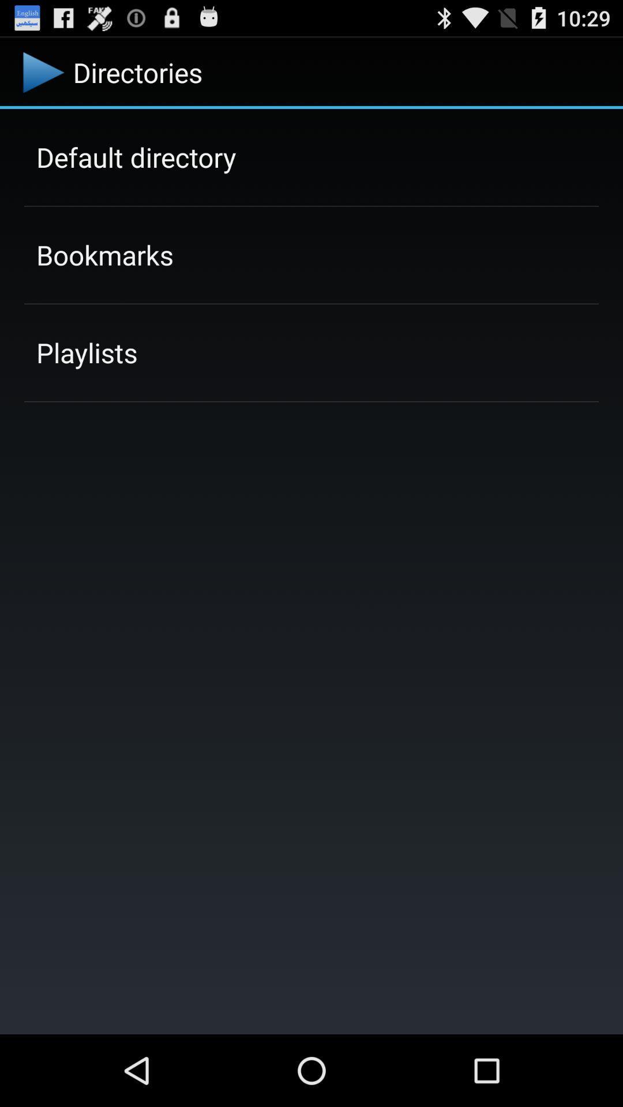 The width and height of the screenshot is (623, 1107). I want to click on bookmarks app, so click(104, 254).